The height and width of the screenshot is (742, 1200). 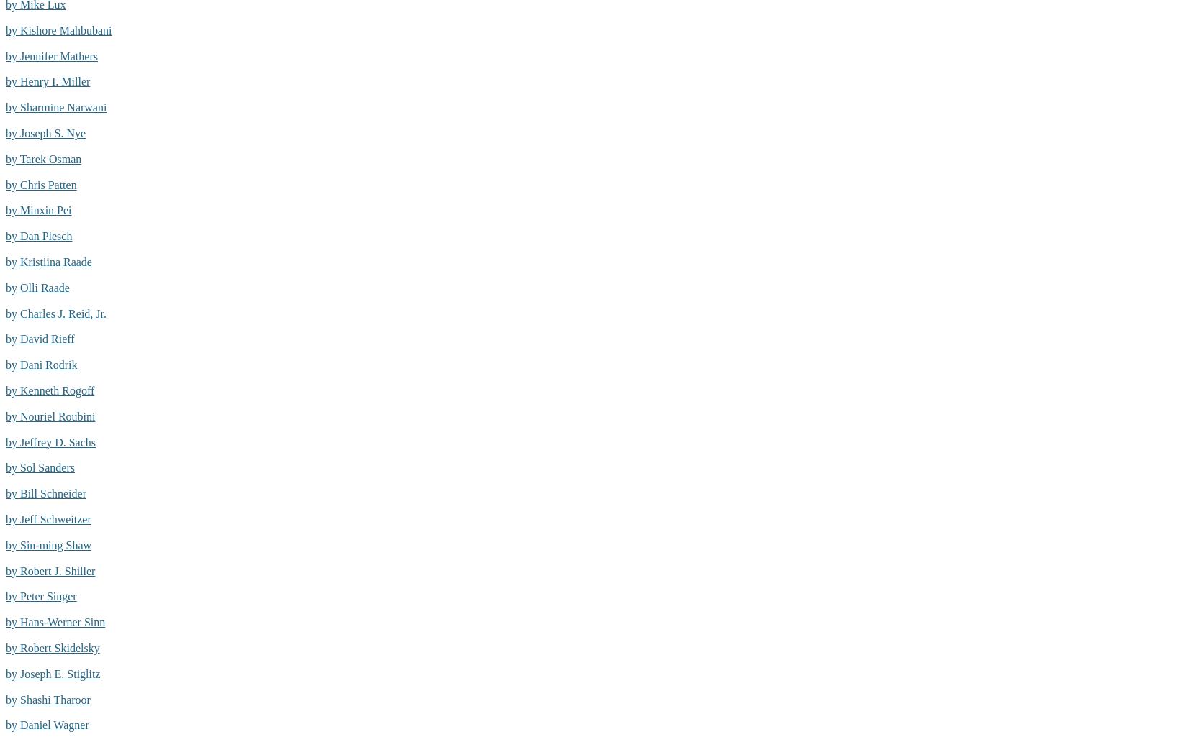 I want to click on 'by Olli Raade', so click(x=37, y=286).